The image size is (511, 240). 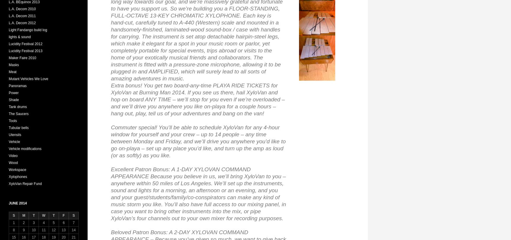 What do you see at coordinates (14, 141) in the screenshot?
I see `'Vehicle'` at bounding box center [14, 141].